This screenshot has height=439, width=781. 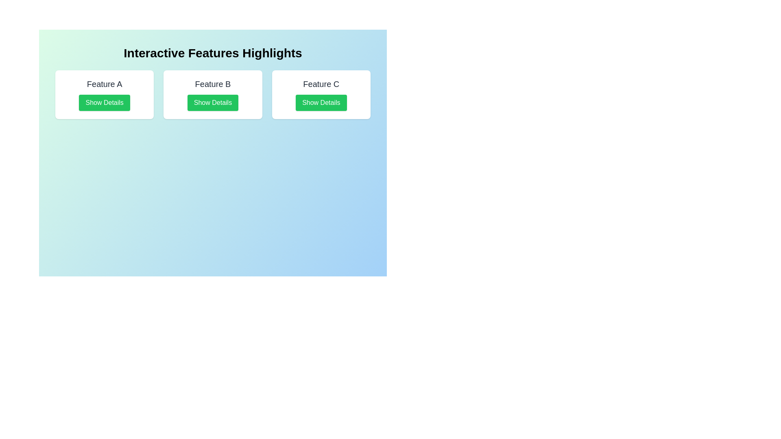 I want to click on the 'Show Details' button on the interactive card located at the rightmost position of a horizontally arranged group of three elements, so click(x=321, y=94).